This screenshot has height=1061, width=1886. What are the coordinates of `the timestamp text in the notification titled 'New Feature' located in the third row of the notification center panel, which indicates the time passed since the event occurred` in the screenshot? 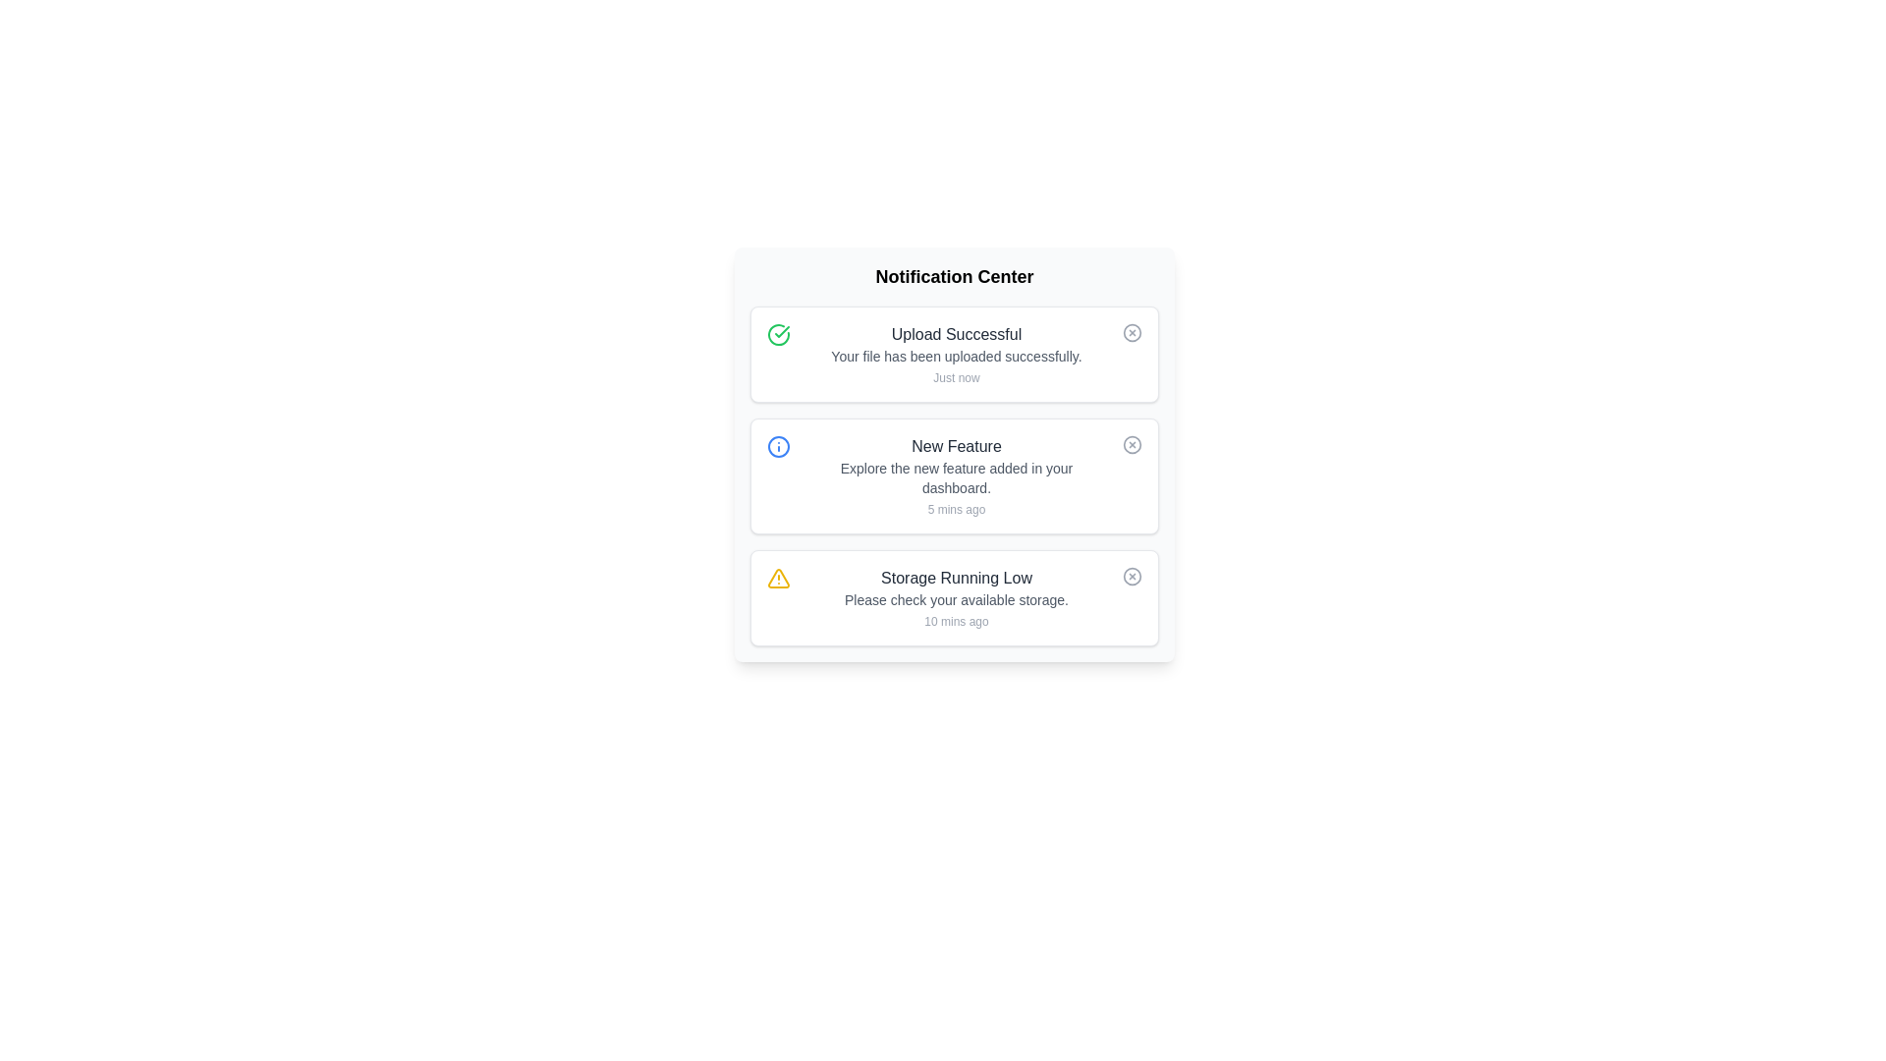 It's located at (957, 509).